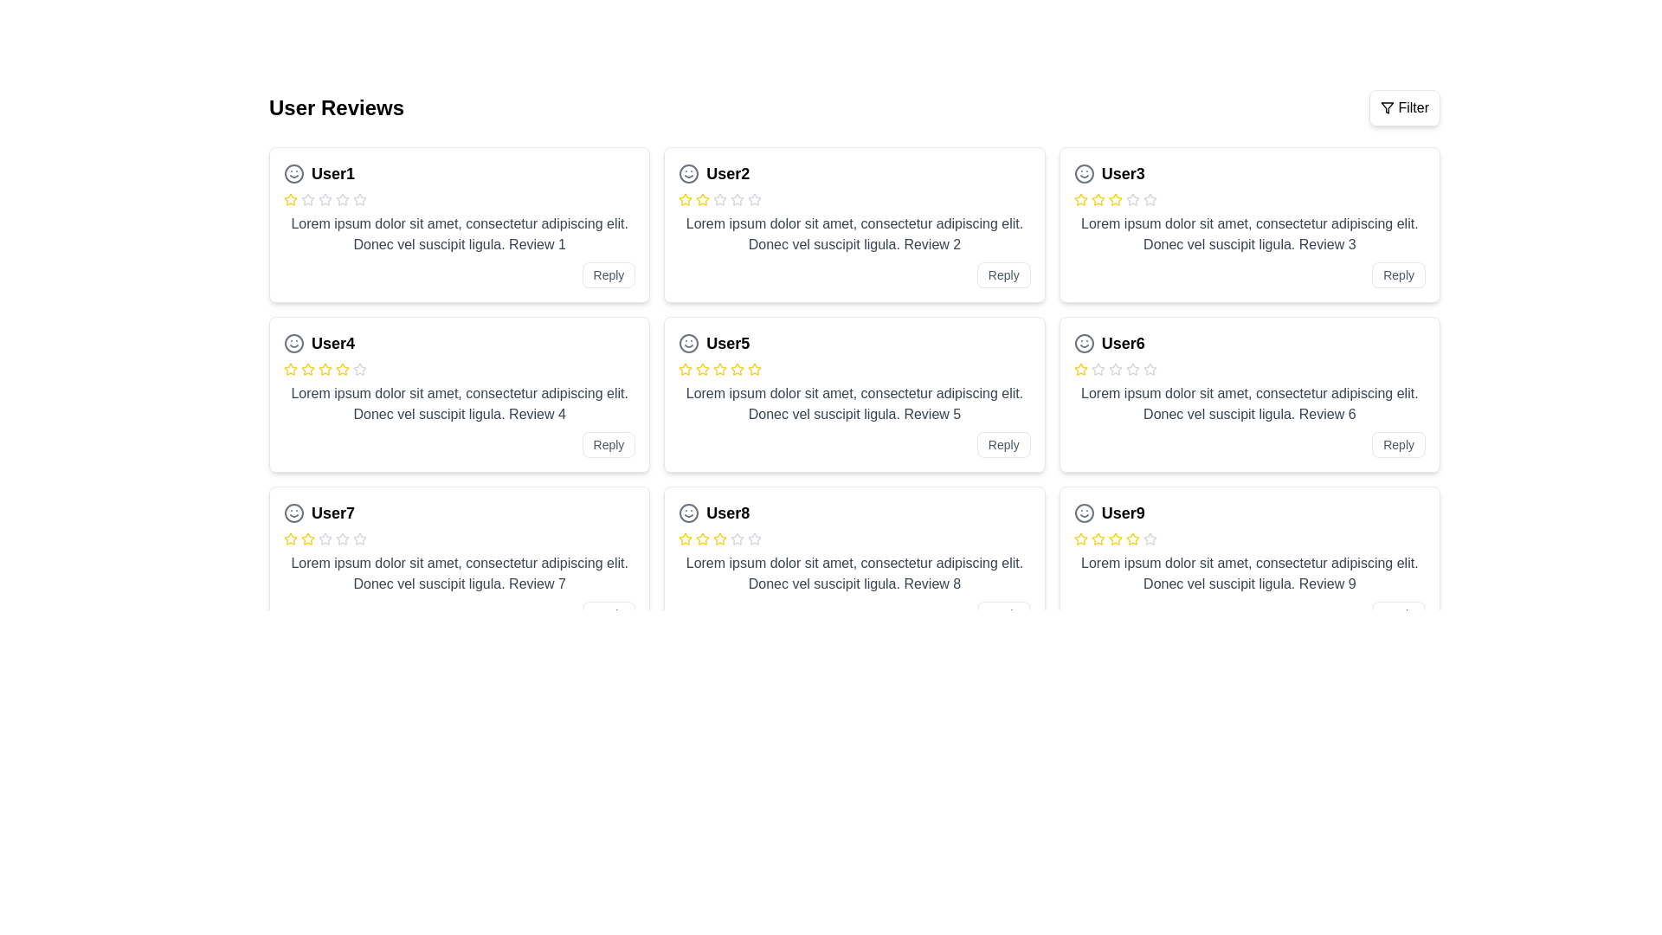 The image size is (1662, 935). Describe the element at coordinates (728, 344) in the screenshot. I see `the label displaying the username of the user who authored the adjacent review, located in the second row and second column of the review grid` at that location.